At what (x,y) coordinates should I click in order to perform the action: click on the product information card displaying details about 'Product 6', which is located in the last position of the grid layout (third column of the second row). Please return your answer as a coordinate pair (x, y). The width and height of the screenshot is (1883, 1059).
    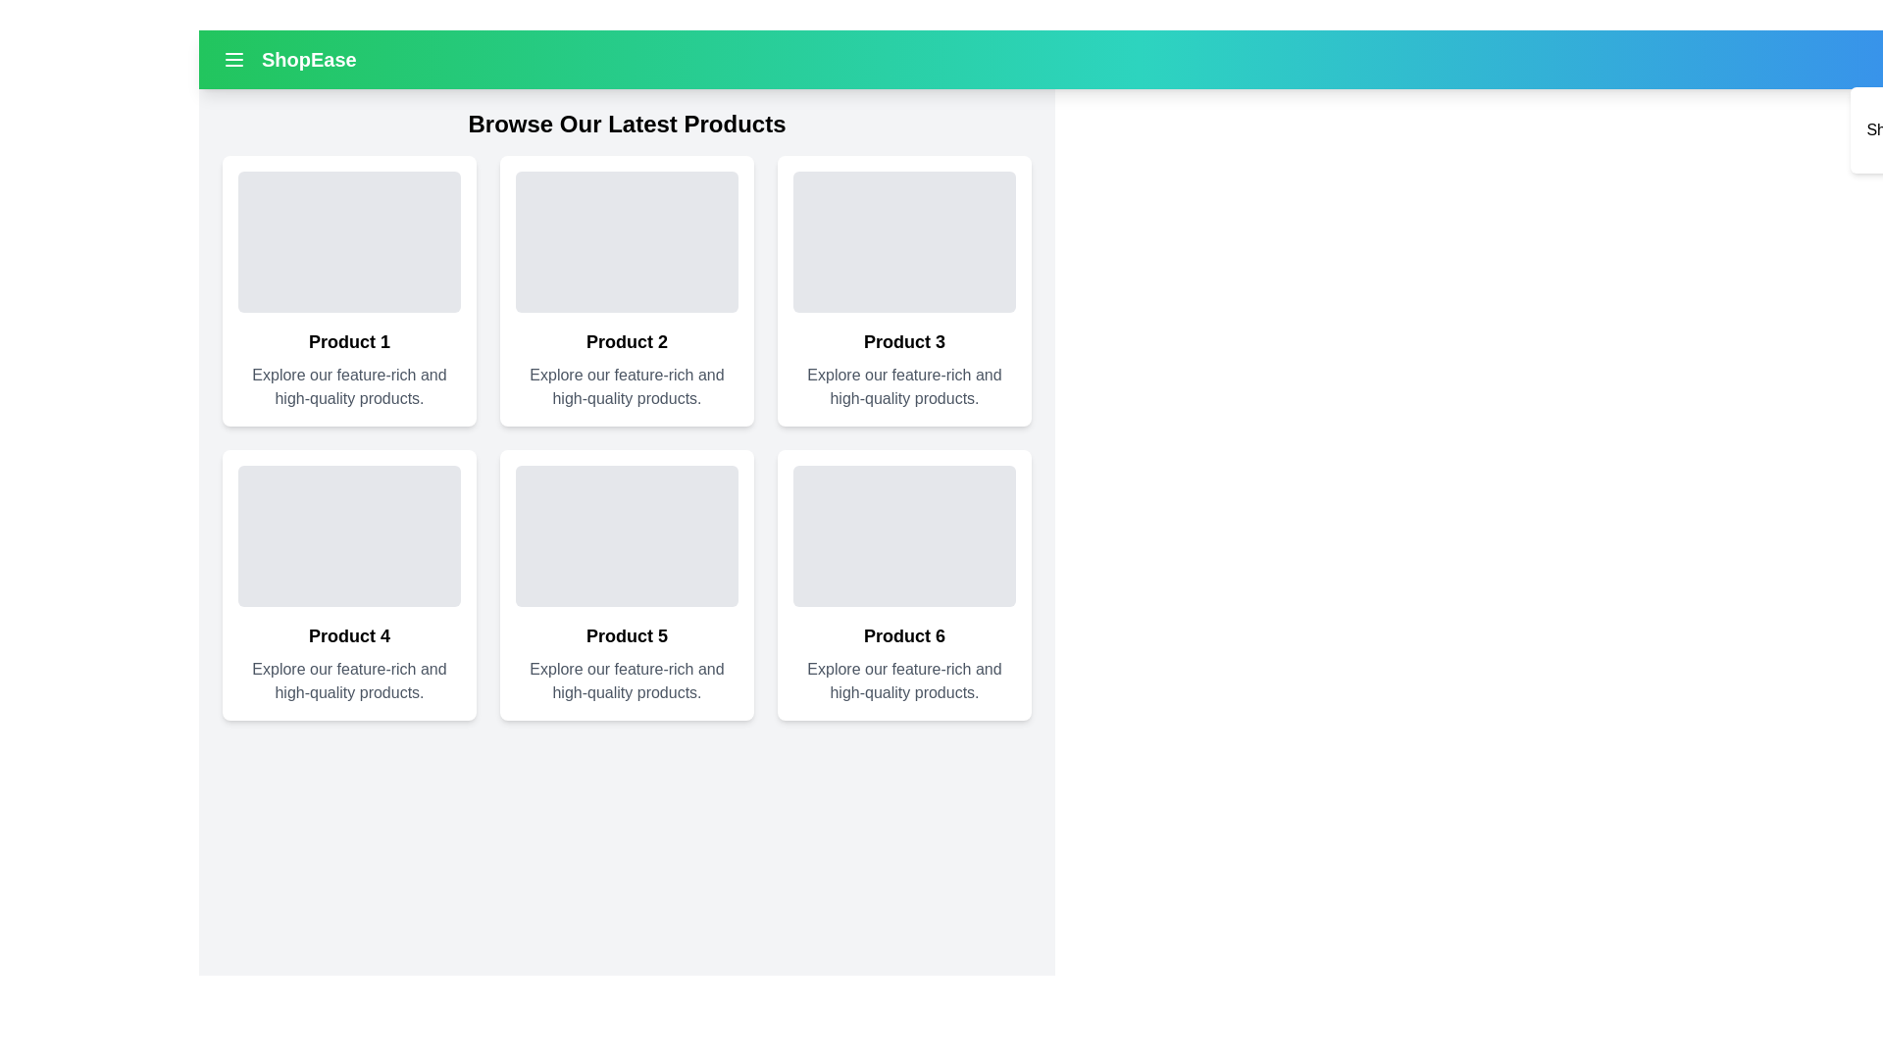
    Looking at the image, I should click on (903, 584).